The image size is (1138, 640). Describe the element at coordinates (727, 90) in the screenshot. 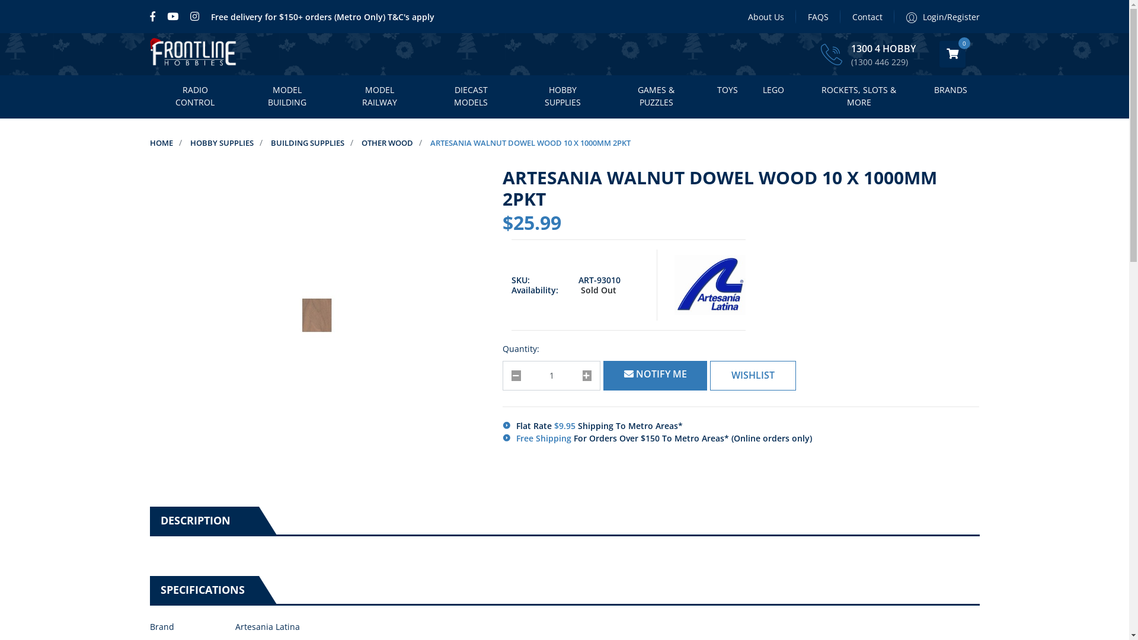

I see `'TOYS'` at that location.